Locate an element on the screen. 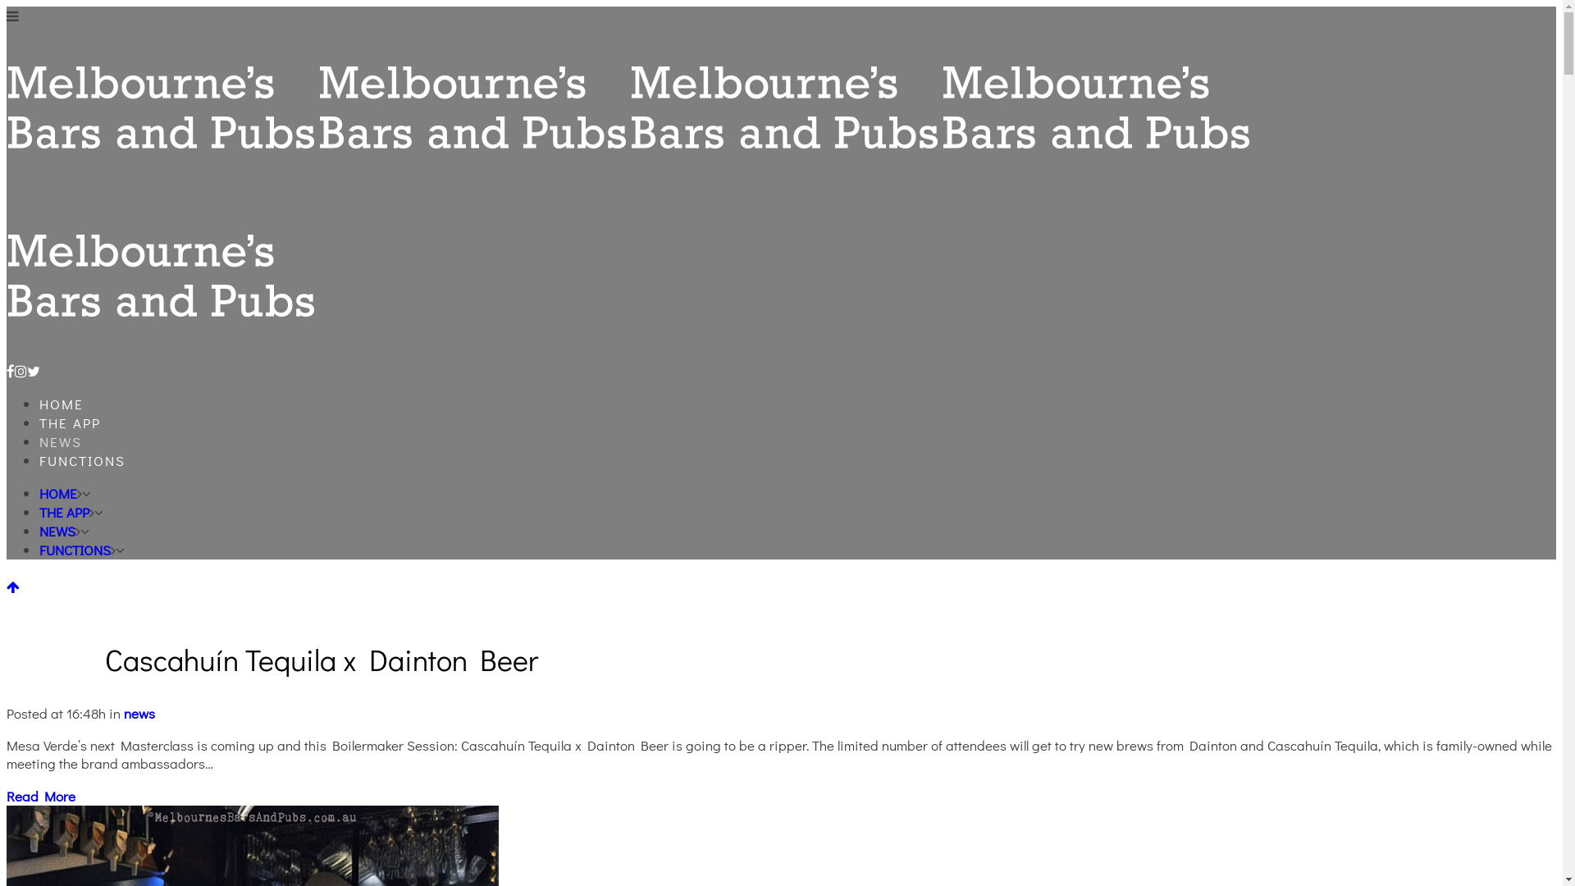 The image size is (1575, 886). 'FUNCTIONS' is located at coordinates (39, 550).